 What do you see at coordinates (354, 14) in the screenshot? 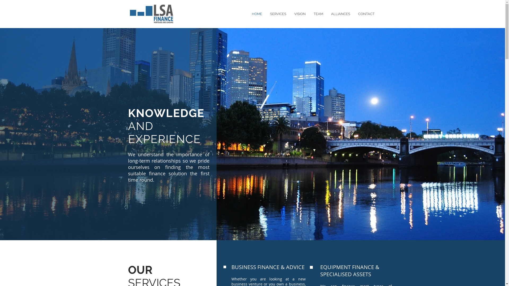
I see `'CONTACT'` at bounding box center [354, 14].